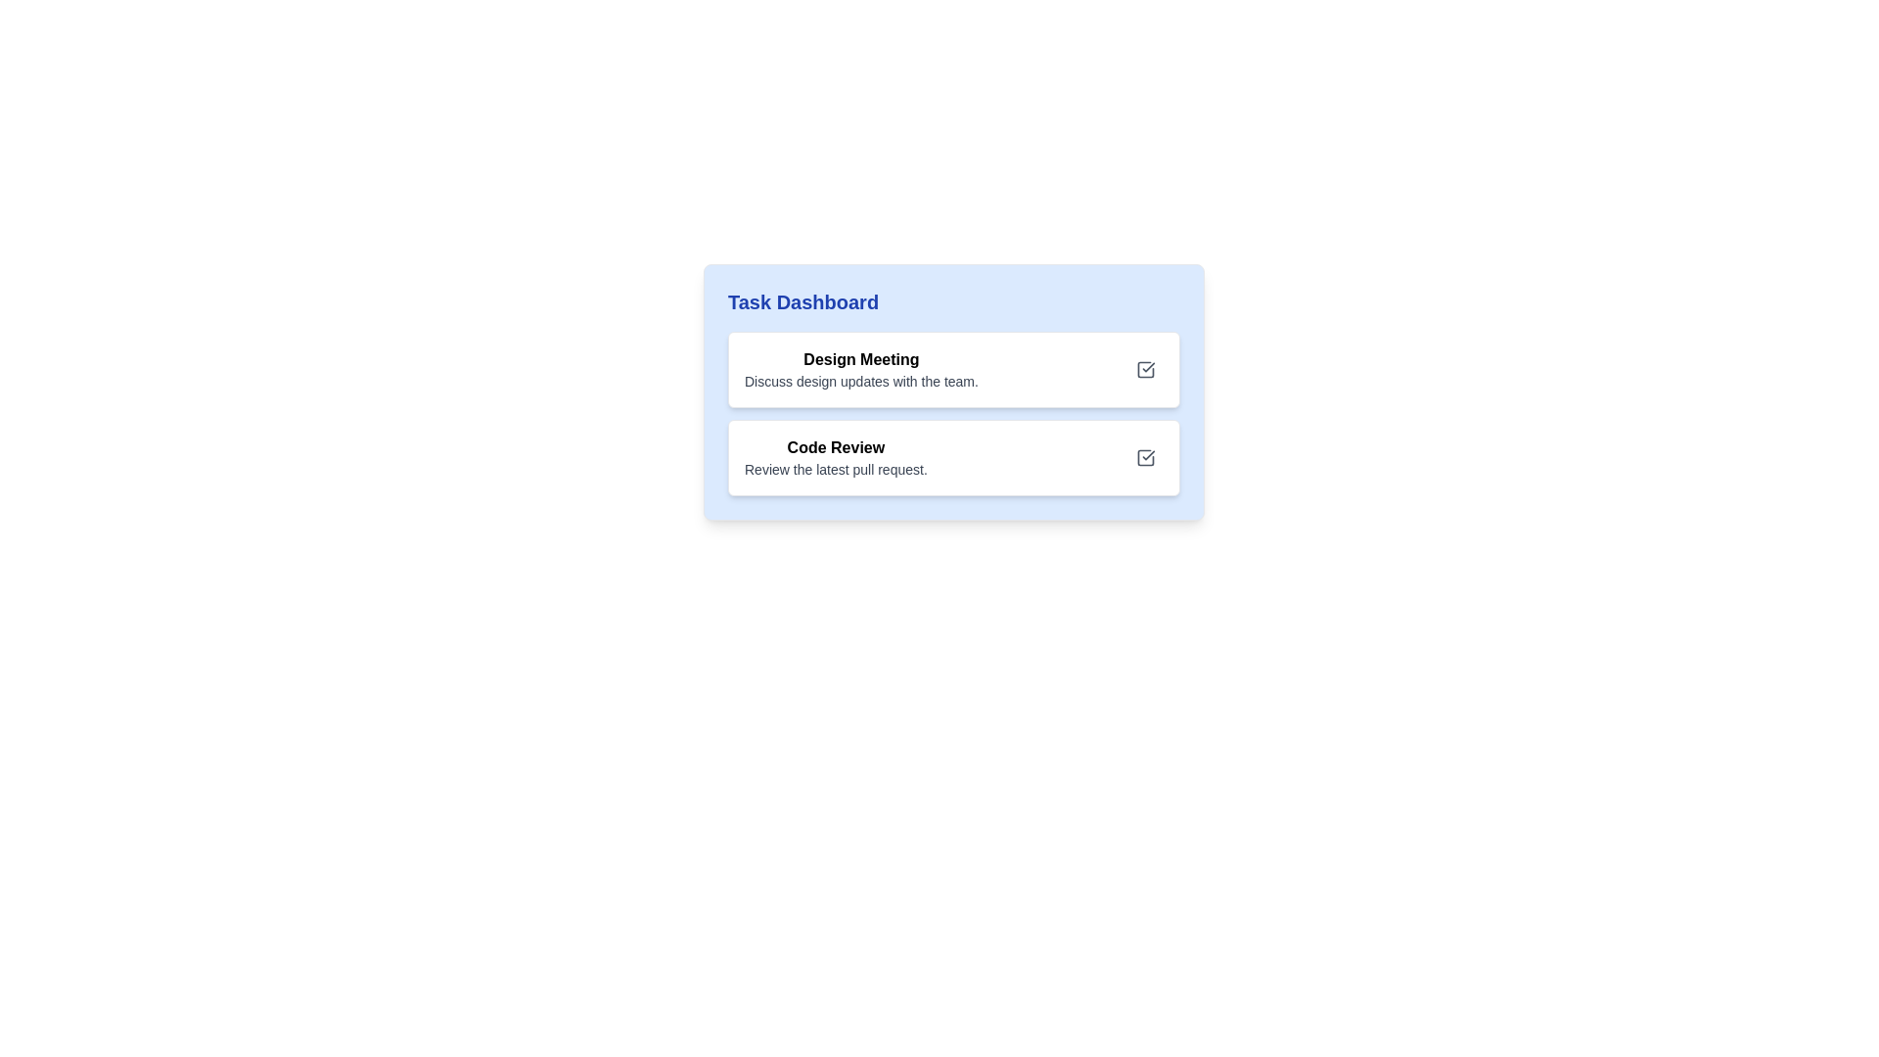 Image resolution: width=1879 pixels, height=1057 pixels. Describe the element at coordinates (836, 448) in the screenshot. I see `the text label titled 'Code Review' in the second task card of the 'Task Dashboard' interface` at that location.